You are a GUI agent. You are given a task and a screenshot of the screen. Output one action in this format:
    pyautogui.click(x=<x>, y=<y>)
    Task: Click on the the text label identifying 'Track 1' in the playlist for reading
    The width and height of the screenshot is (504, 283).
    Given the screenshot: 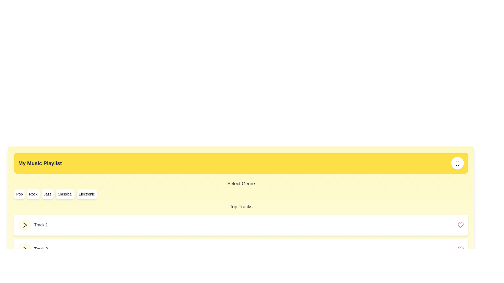 What is the action you would take?
    pyautogui.click(x=41, y=225)
    